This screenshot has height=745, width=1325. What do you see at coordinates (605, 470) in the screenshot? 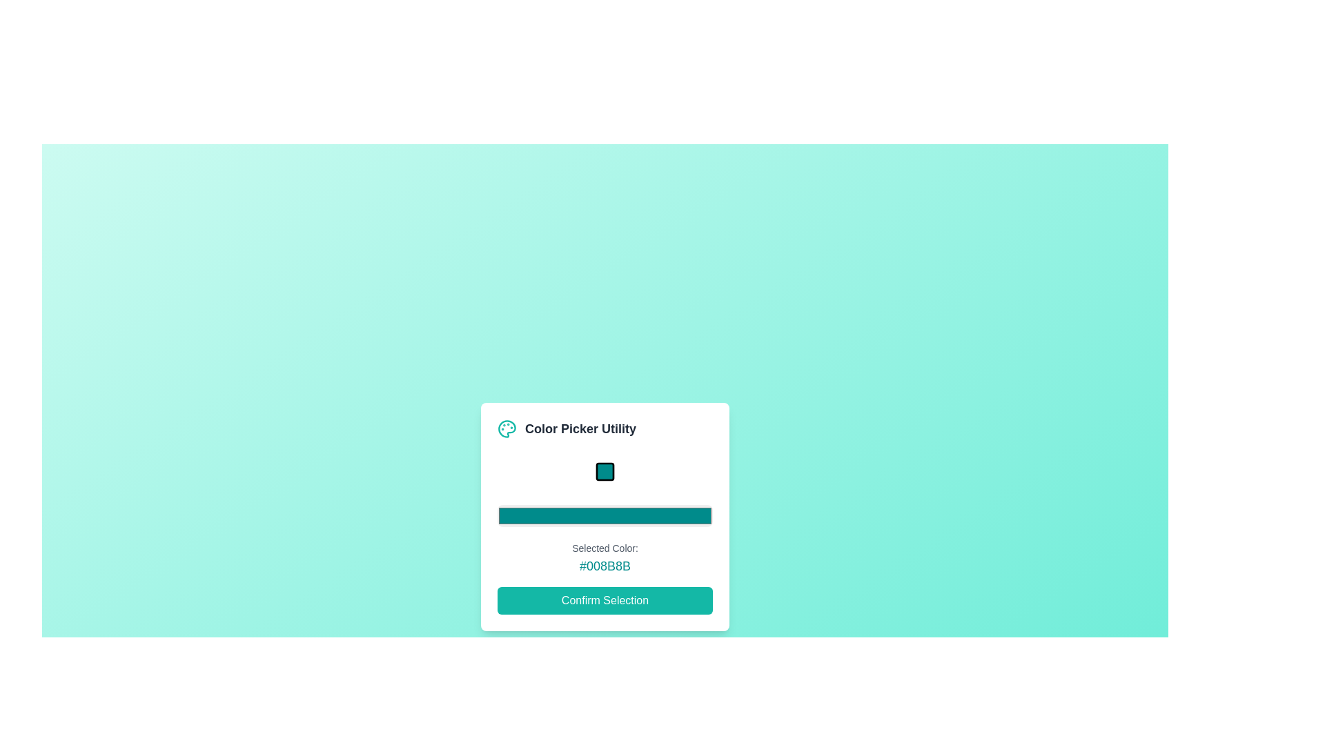
I see `the color square to verify its interactivity` at bounding box center [605, 470].